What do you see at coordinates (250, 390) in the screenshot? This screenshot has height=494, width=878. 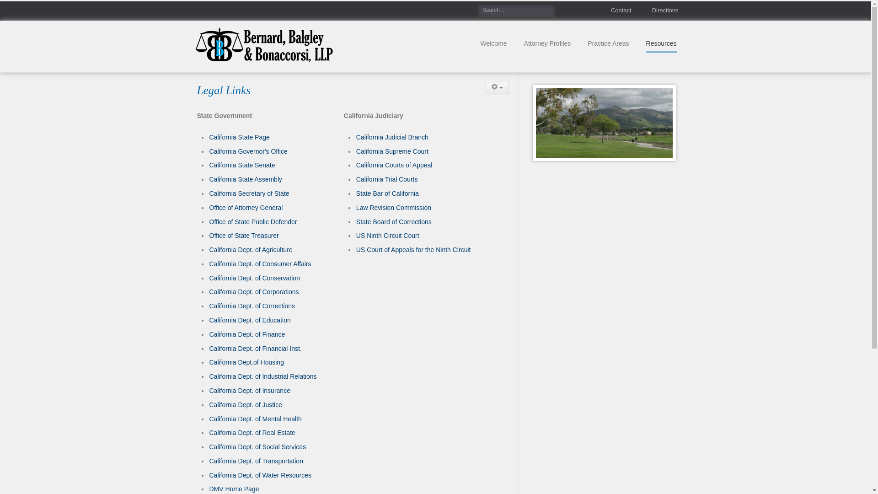 I see `'California Dept. of Insurance'` at bounding box center [250, 390].